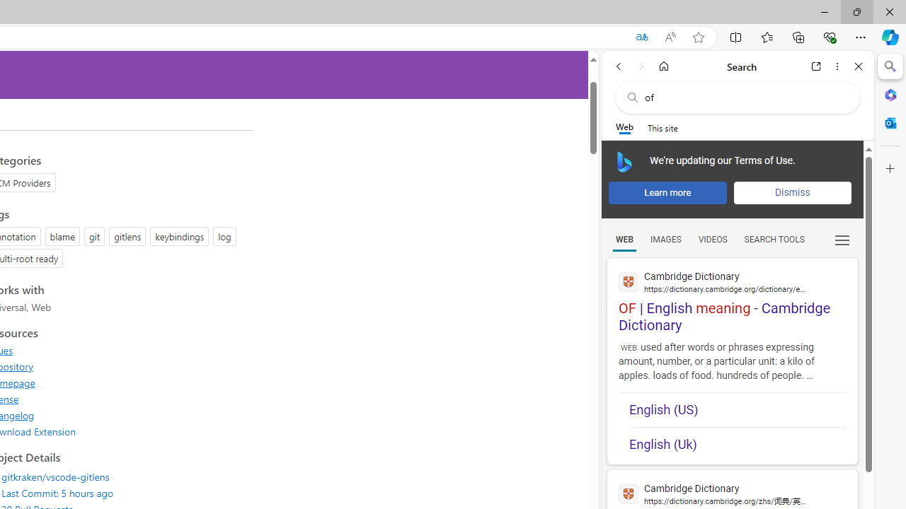 The image size is (906, 509). I want to click on 'Search Filter, VIDEOS', so click(712, 239).